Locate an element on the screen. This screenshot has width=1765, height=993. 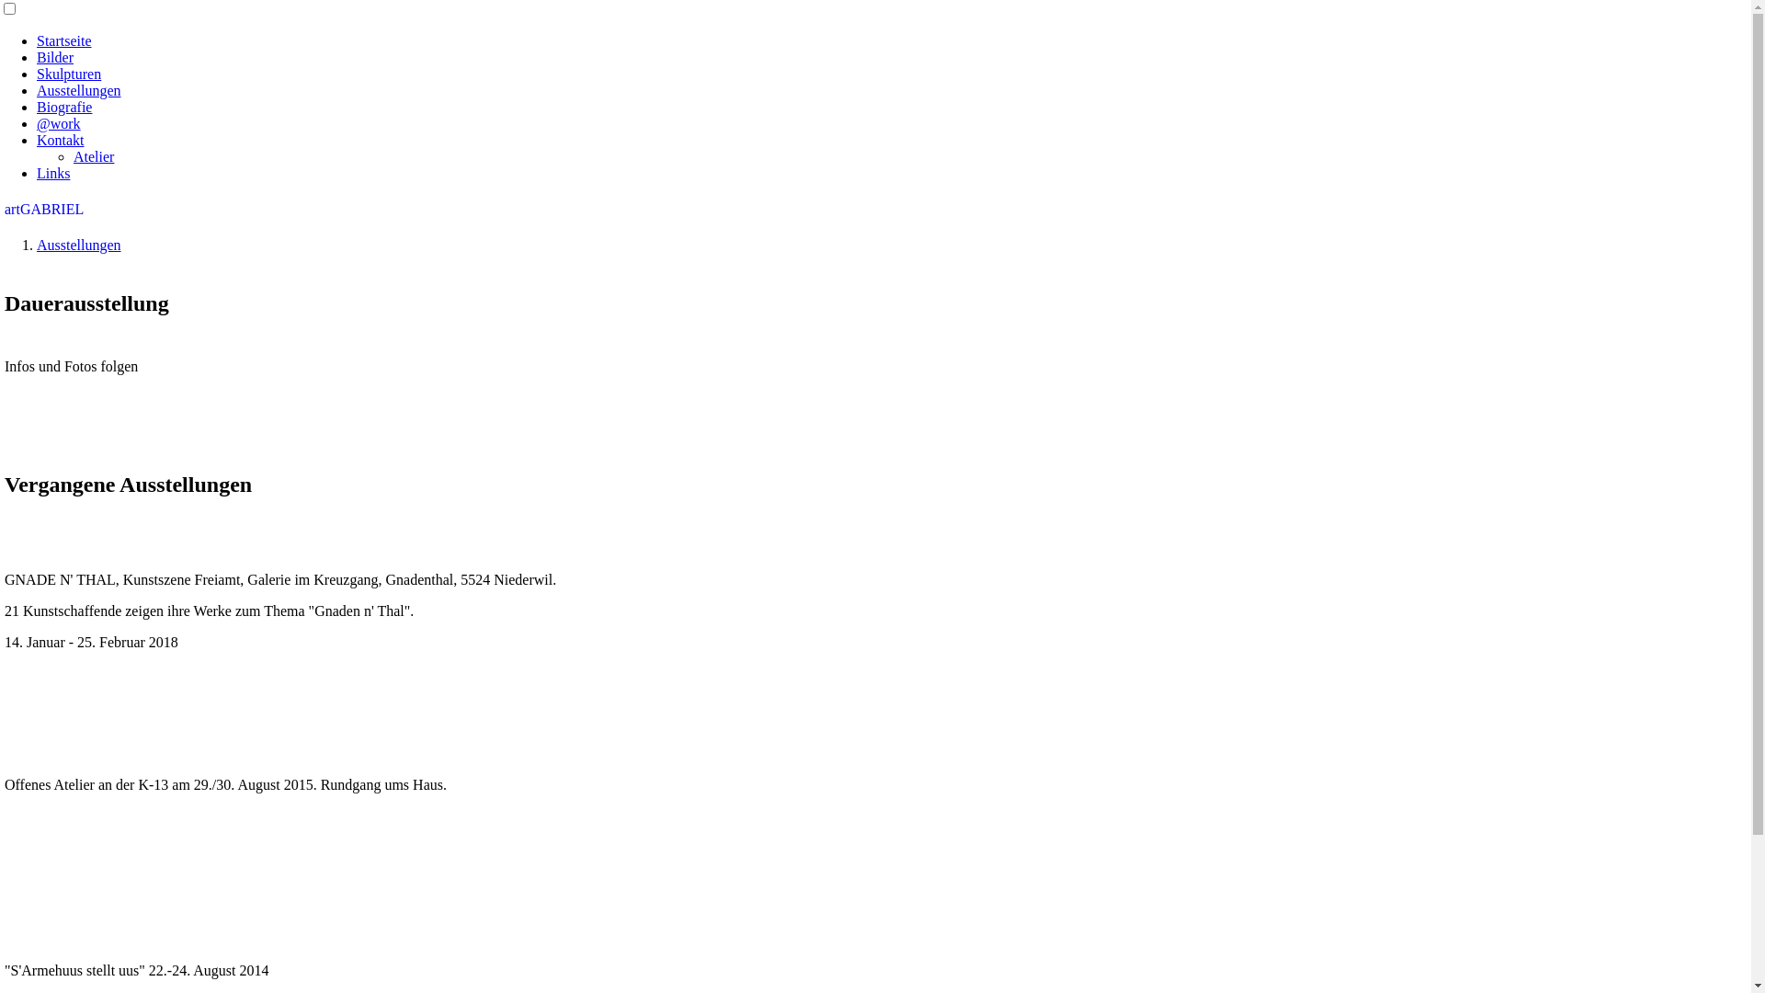
'Biografie' is located at coordinates (64, 107).